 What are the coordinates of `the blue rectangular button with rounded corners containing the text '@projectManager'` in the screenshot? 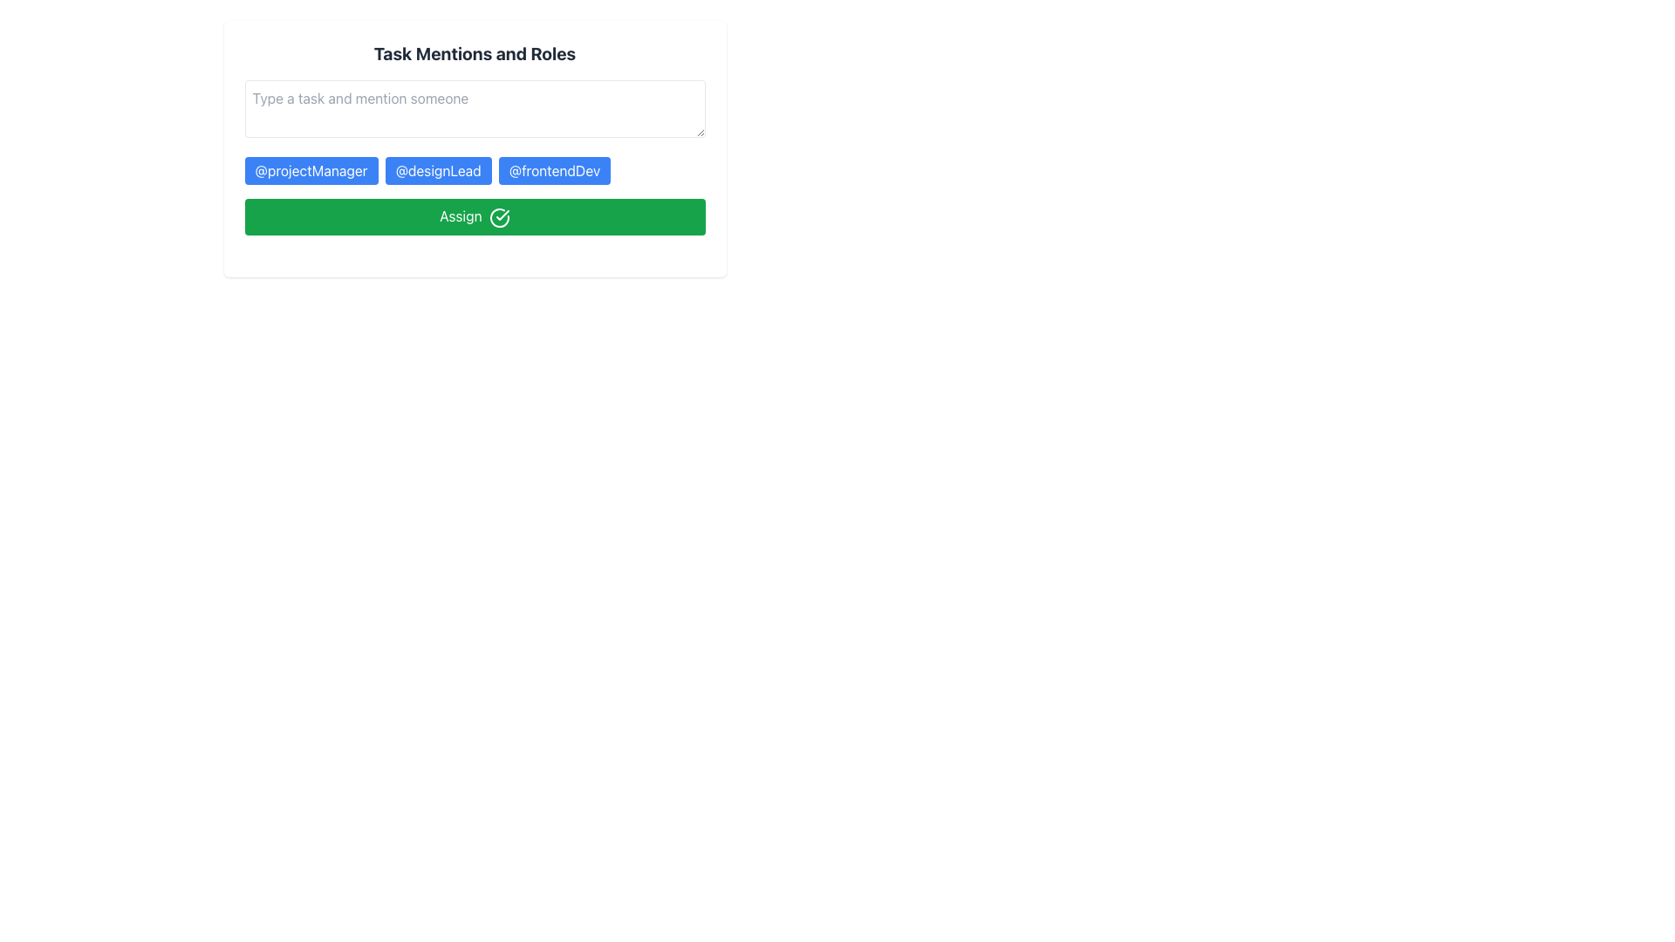 It's located at (311, 171).